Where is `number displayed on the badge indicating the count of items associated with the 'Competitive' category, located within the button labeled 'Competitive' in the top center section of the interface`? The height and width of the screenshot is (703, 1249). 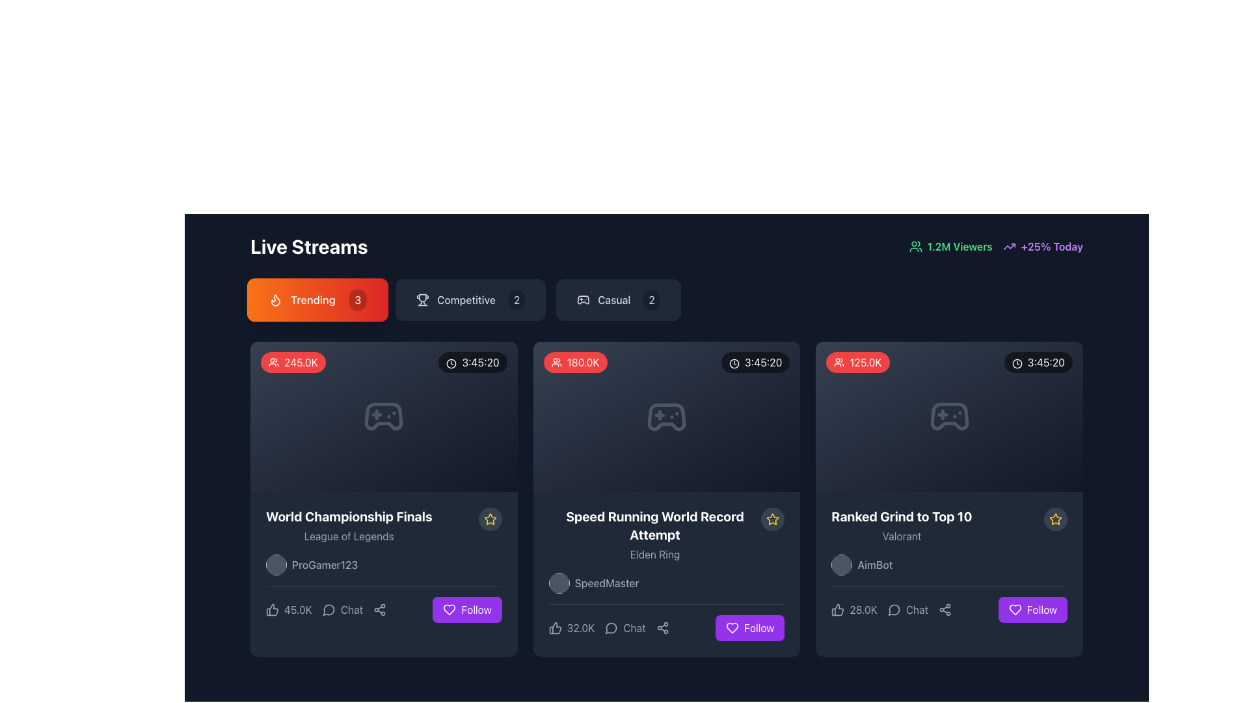 number displayed on the badge indicating the count of items associated with the 'Competitive' category, located within the button labeled 'Competitive' in the top center section of the interface is located at coordinates (516, 300).